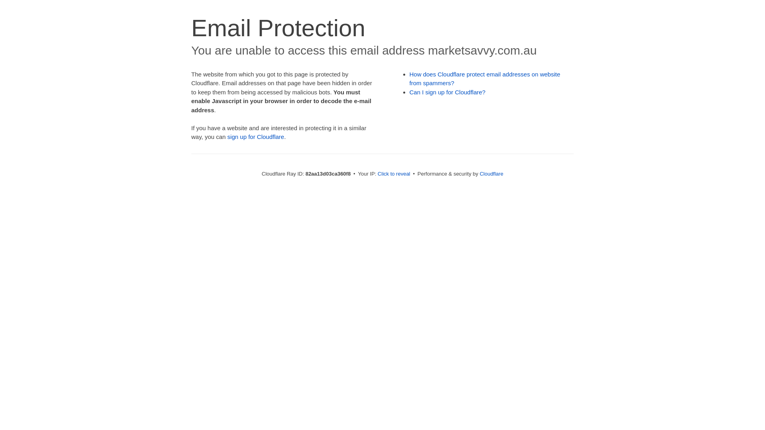  I want to click on 'sign up for Cloudflare', so click(256, 136).